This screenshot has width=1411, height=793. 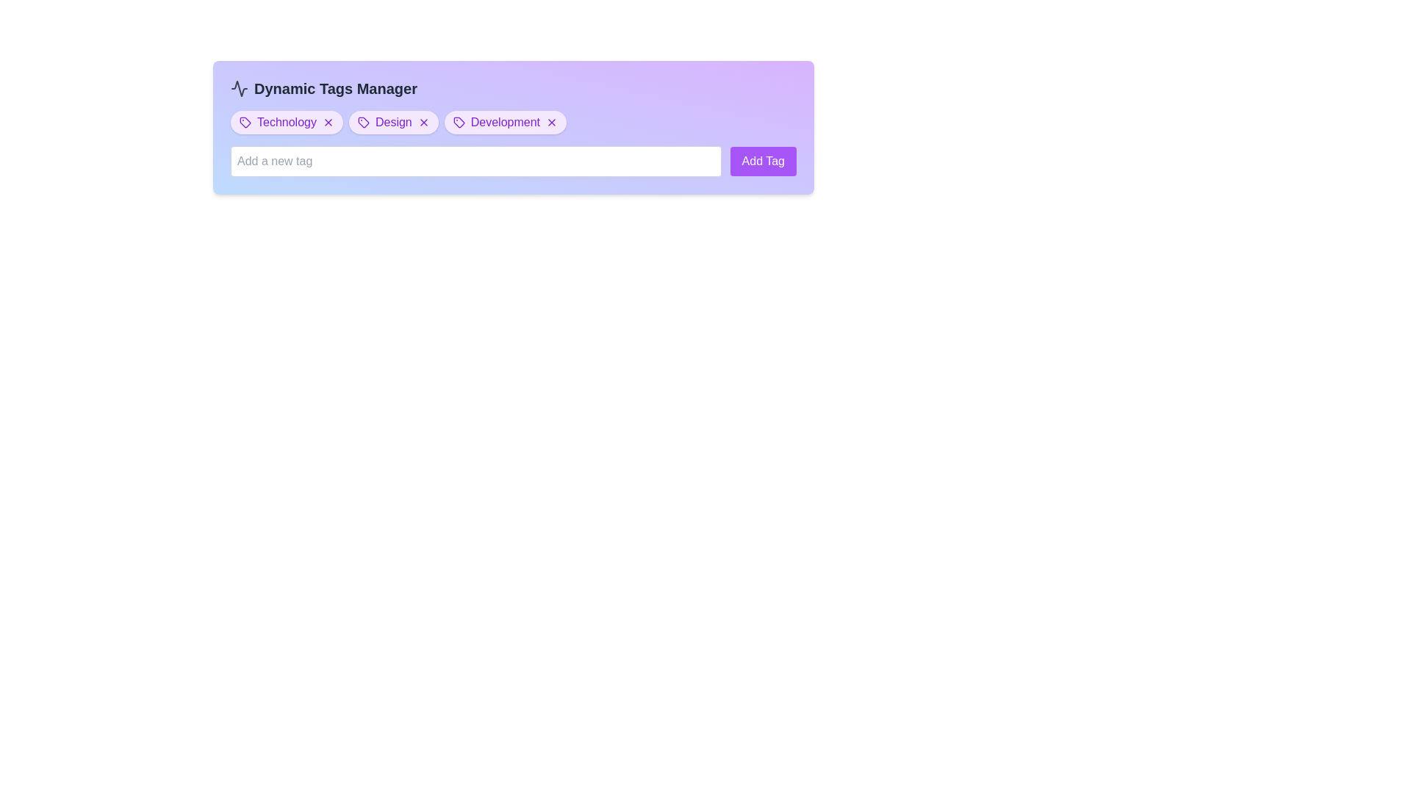 What do you see at coordinates (551, 121) in the screenshot?
I see `the 'X' icon button with a thin purple outline, located to the right of the 'Development' tag` at bounding box center [551, 121].